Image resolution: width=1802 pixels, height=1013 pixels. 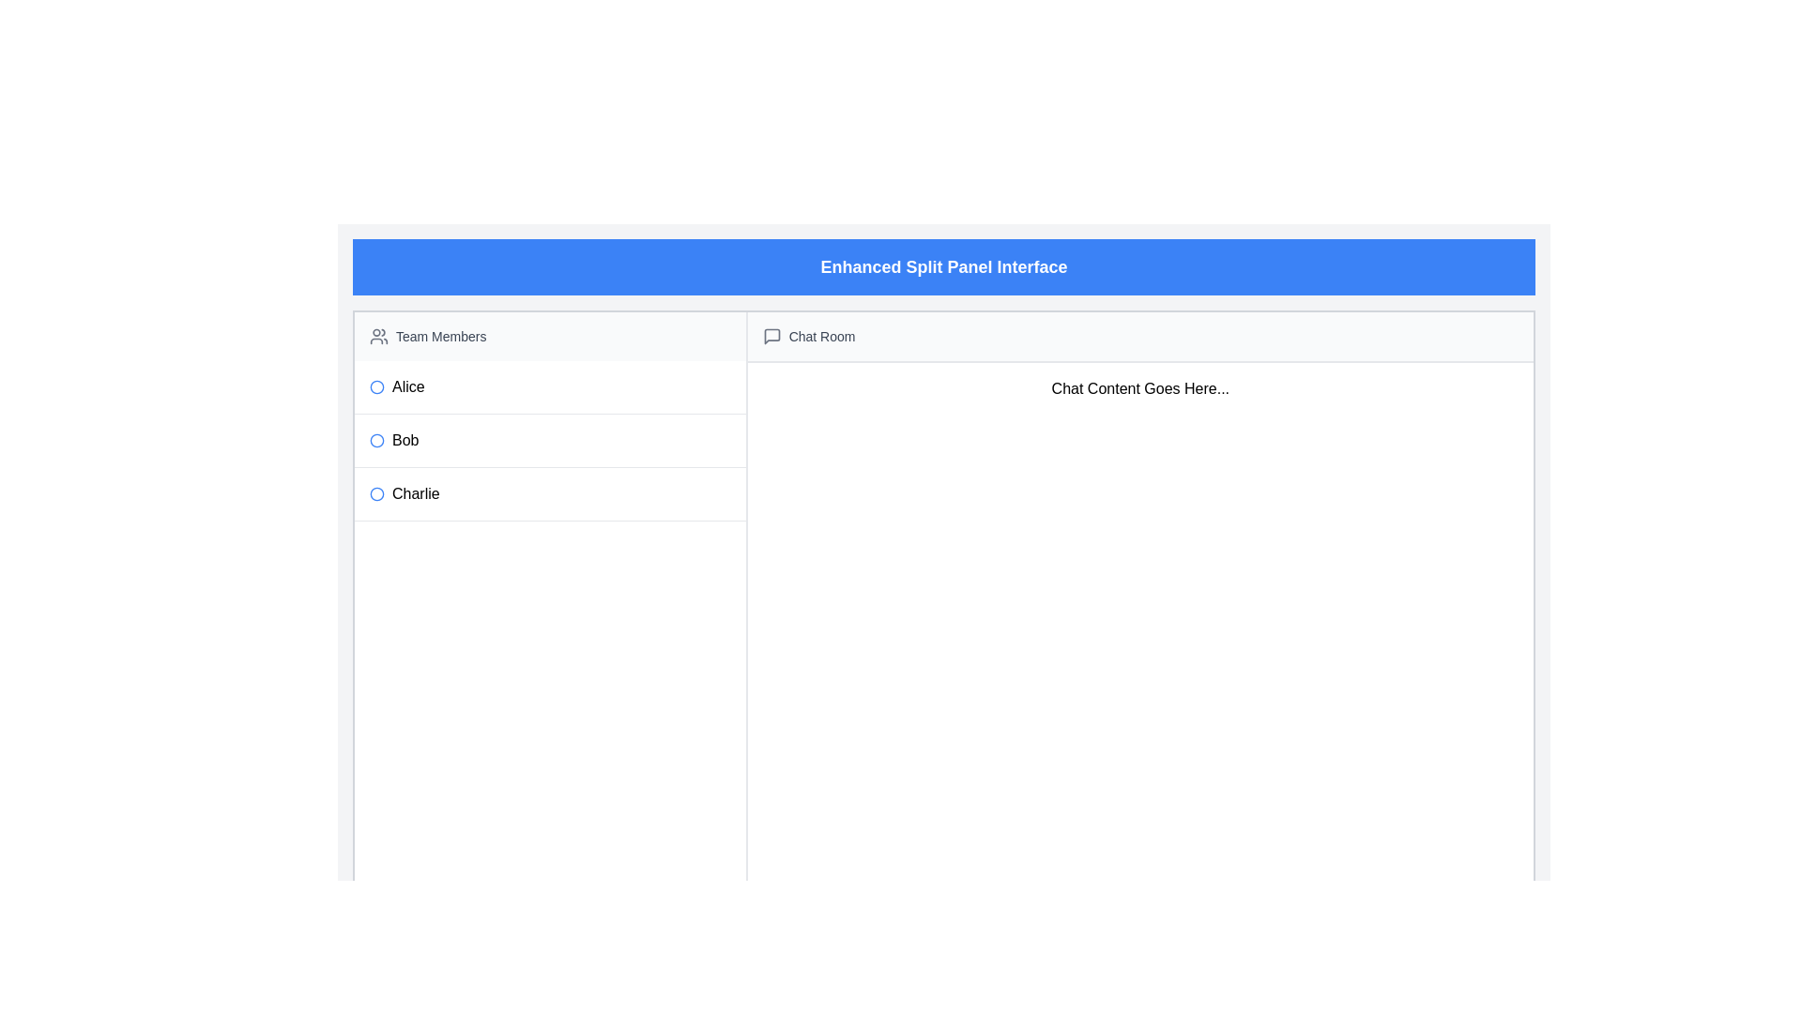 What do you see at coordinates (376, 493) in the screenshot?
I see `the third circular indicator next to the label 'Charlie'` at bounding box center [376, 493].